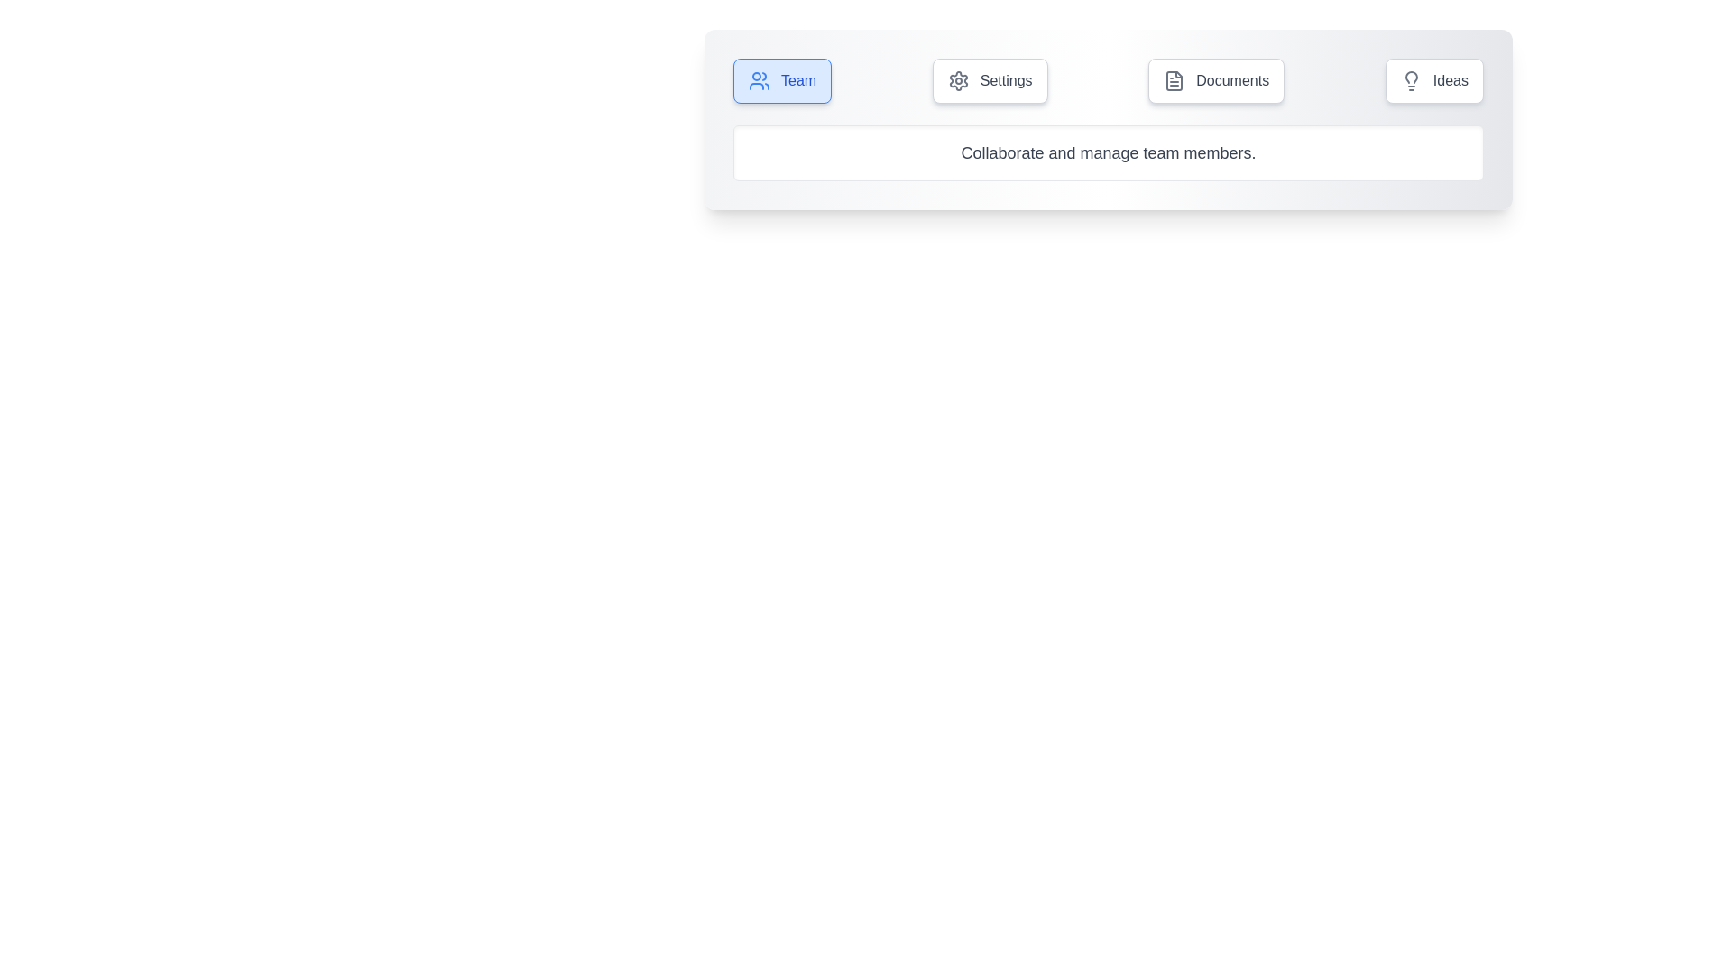 The image size is (1732, 974). What do you see at coordinates (1216, 79) in the screenshot?
I see `the tab labeled Documents to view its content` at bounding box center [1216, 79].